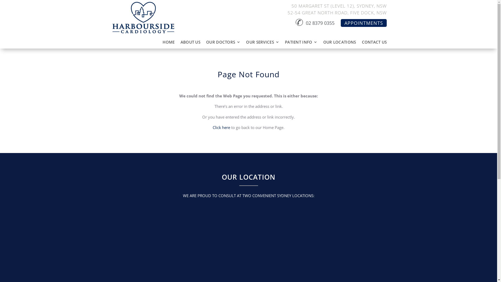 This screenshot has width=501, height=282. What do you see at coordinates (374, 43) in the screenshot?
I see `'CONTACT US'` at bounding box center [374, 43].